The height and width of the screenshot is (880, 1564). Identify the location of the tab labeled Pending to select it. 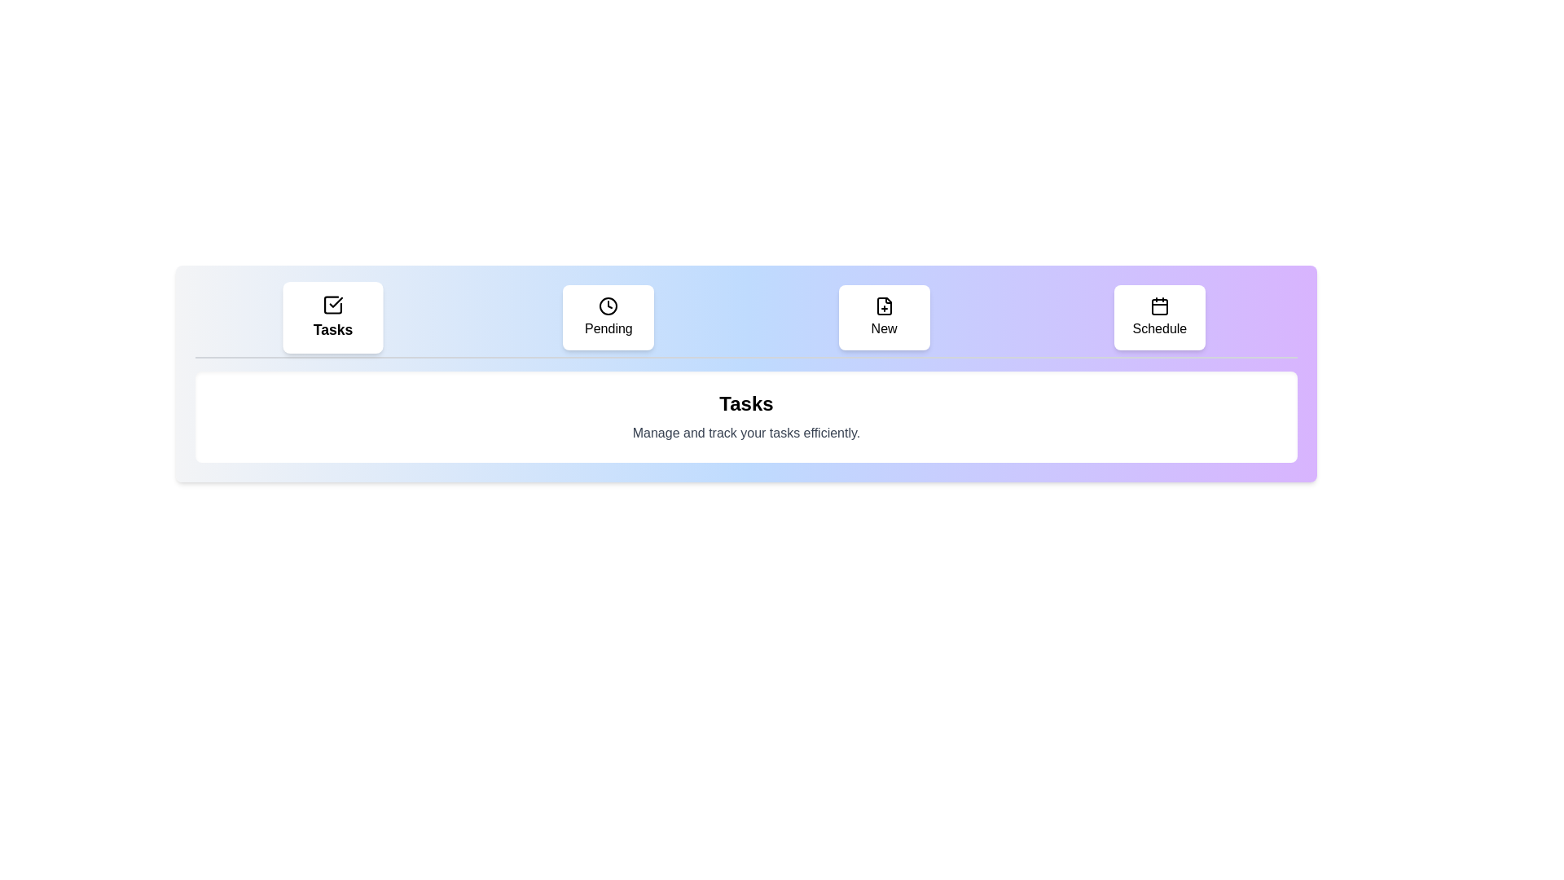
(608, 317).